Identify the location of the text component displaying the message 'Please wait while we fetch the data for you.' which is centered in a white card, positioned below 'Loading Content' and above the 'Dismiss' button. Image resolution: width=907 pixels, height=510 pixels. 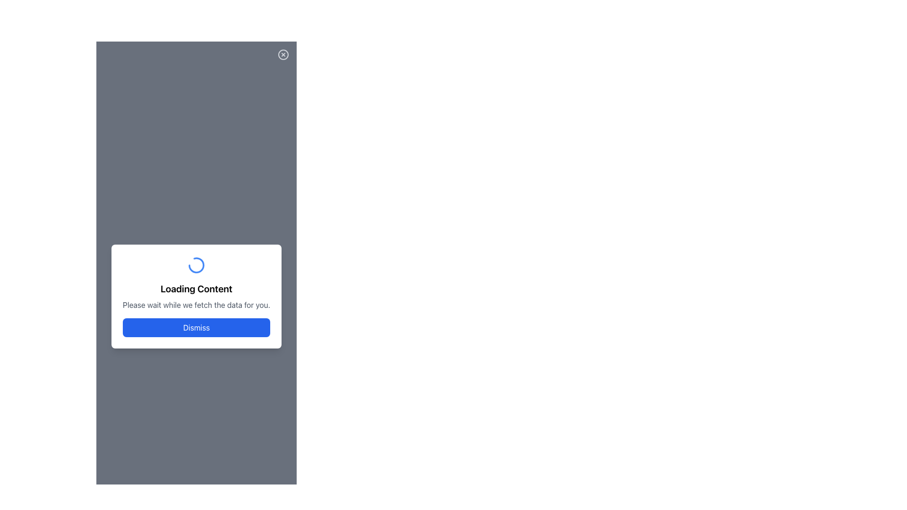
(196, 305).